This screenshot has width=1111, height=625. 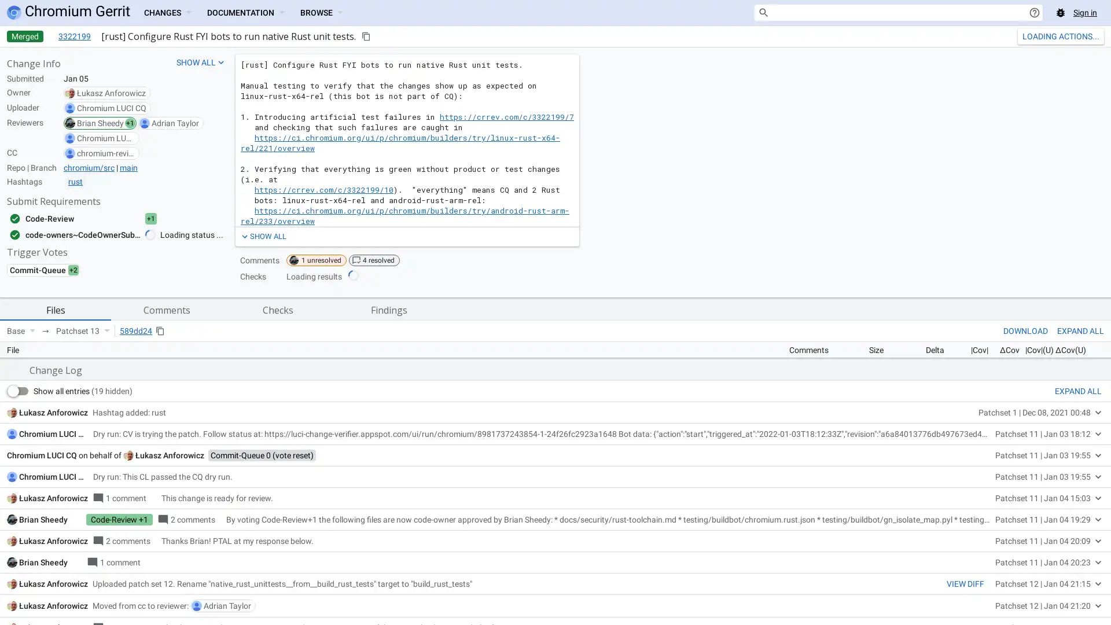 What do you see at coordinates (1050, 35) in the screenshot?
I see `CREATE RELAND` at bounding box center [1050, 35].